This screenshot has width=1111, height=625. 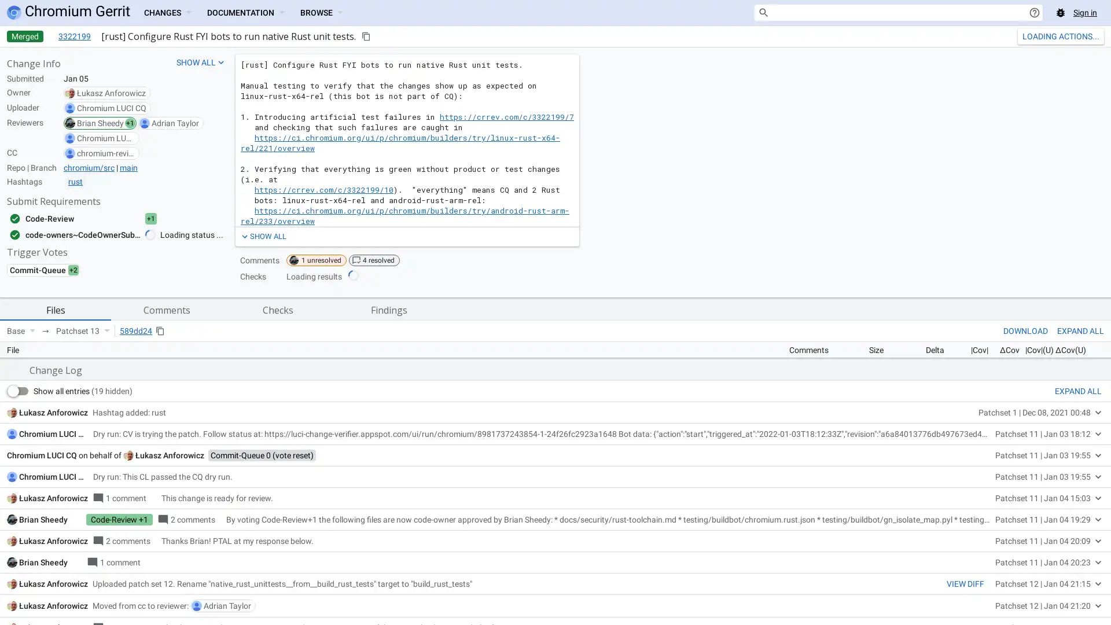 What do you see at coordinates (1050, 35) in the screenshot?
I see `CREATE RELAND` at bounding box center [1050, 35].